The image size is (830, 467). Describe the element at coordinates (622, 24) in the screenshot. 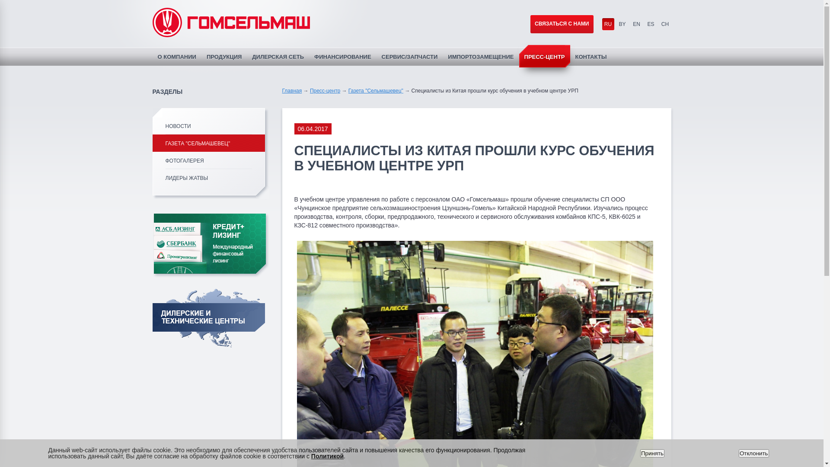

I see `'BY'` at that location.